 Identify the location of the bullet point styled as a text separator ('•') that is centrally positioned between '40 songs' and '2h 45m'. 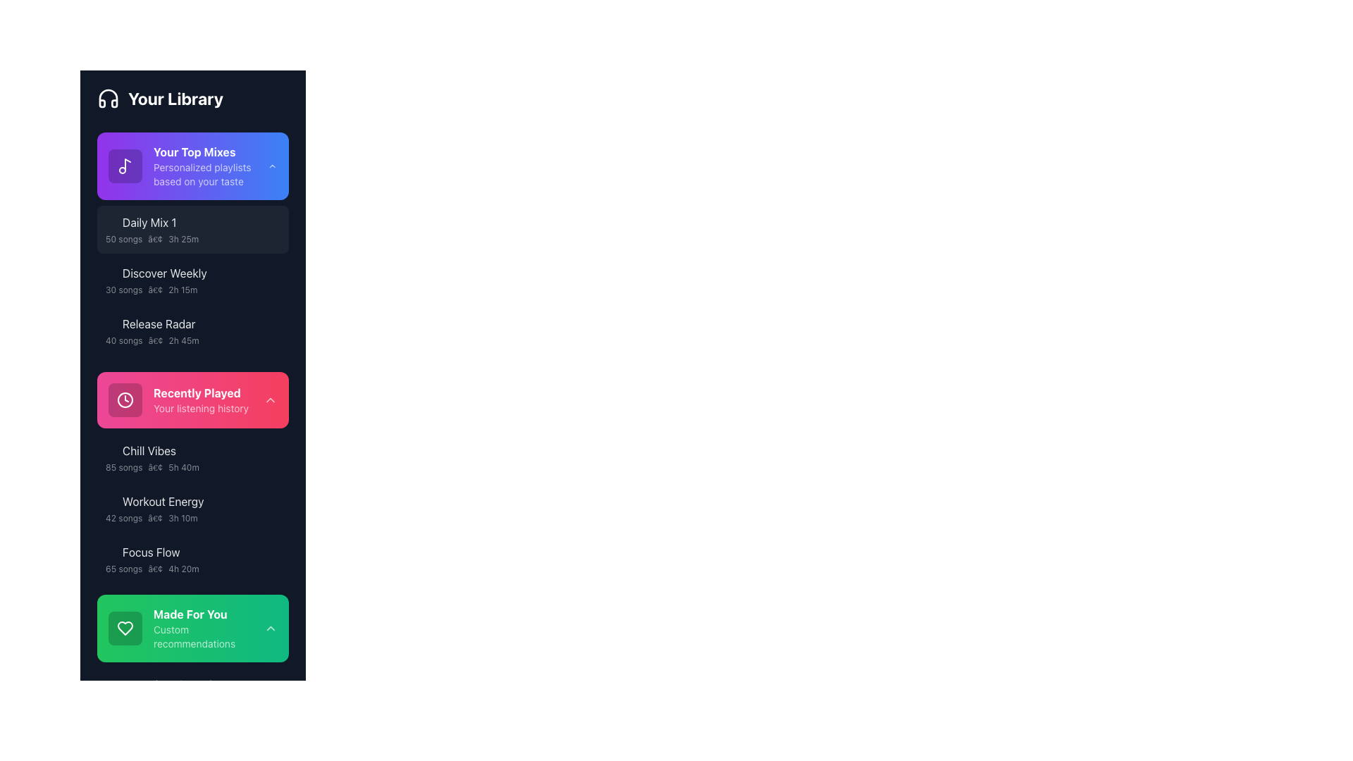
(155, 340).